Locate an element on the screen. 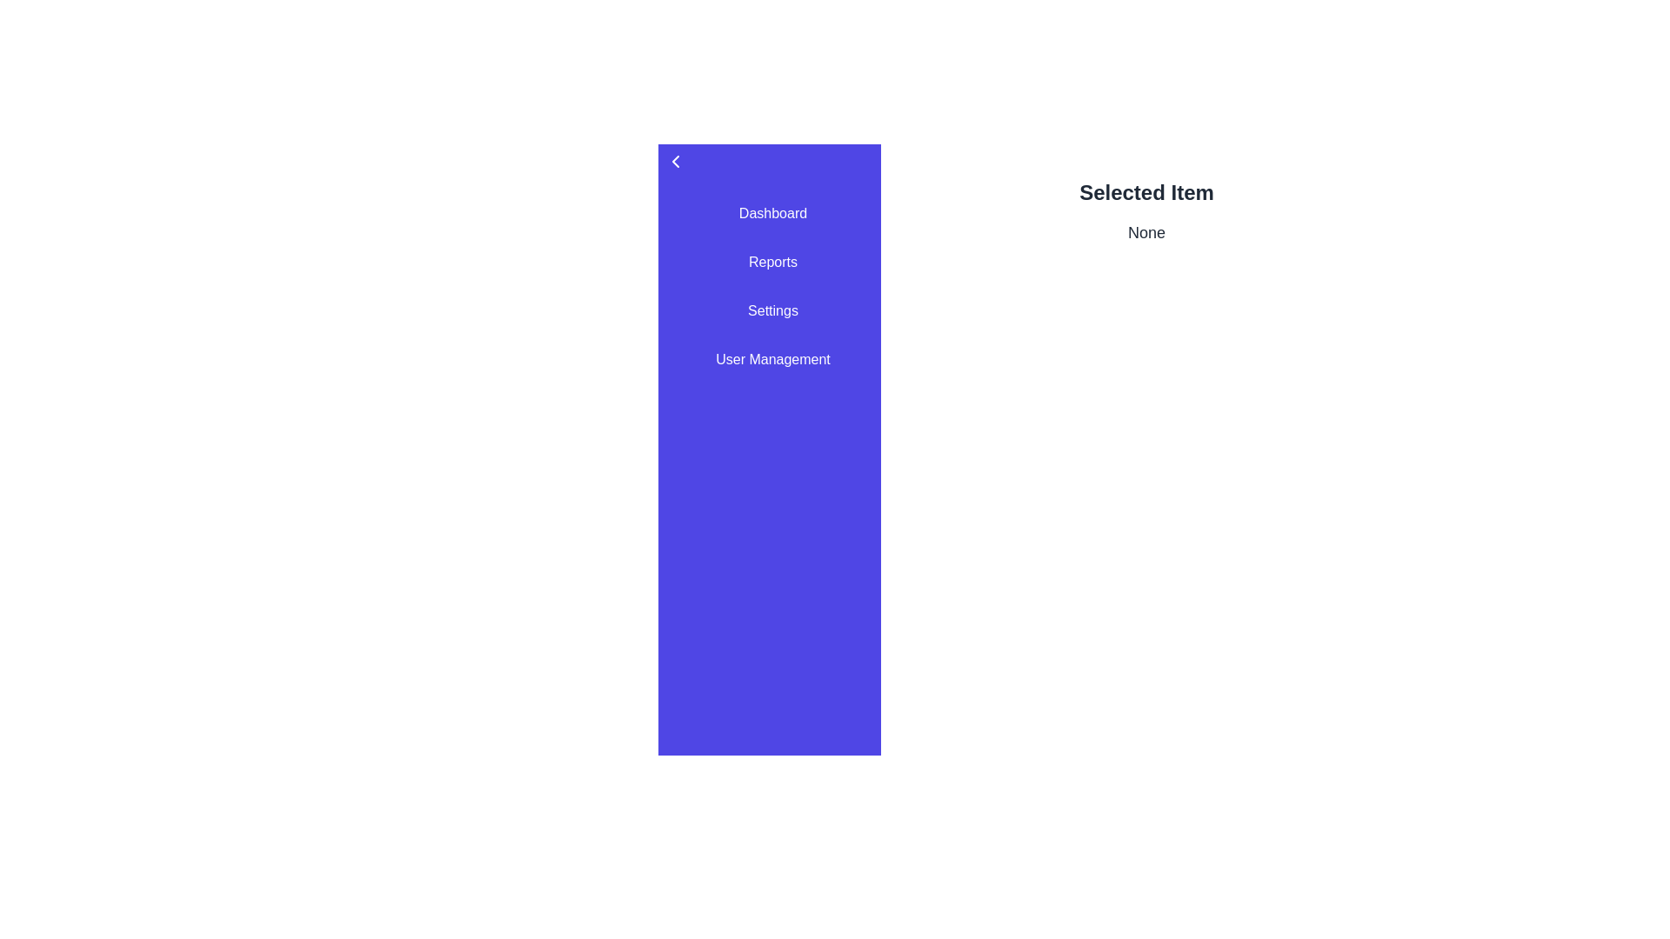 The width and height of the screenshot is (1670, 939). the 'Settings' clickable text element, which is displayed in white font against a blue background and is located in the third position of a vertical menu is located at coordinates (772, 310).